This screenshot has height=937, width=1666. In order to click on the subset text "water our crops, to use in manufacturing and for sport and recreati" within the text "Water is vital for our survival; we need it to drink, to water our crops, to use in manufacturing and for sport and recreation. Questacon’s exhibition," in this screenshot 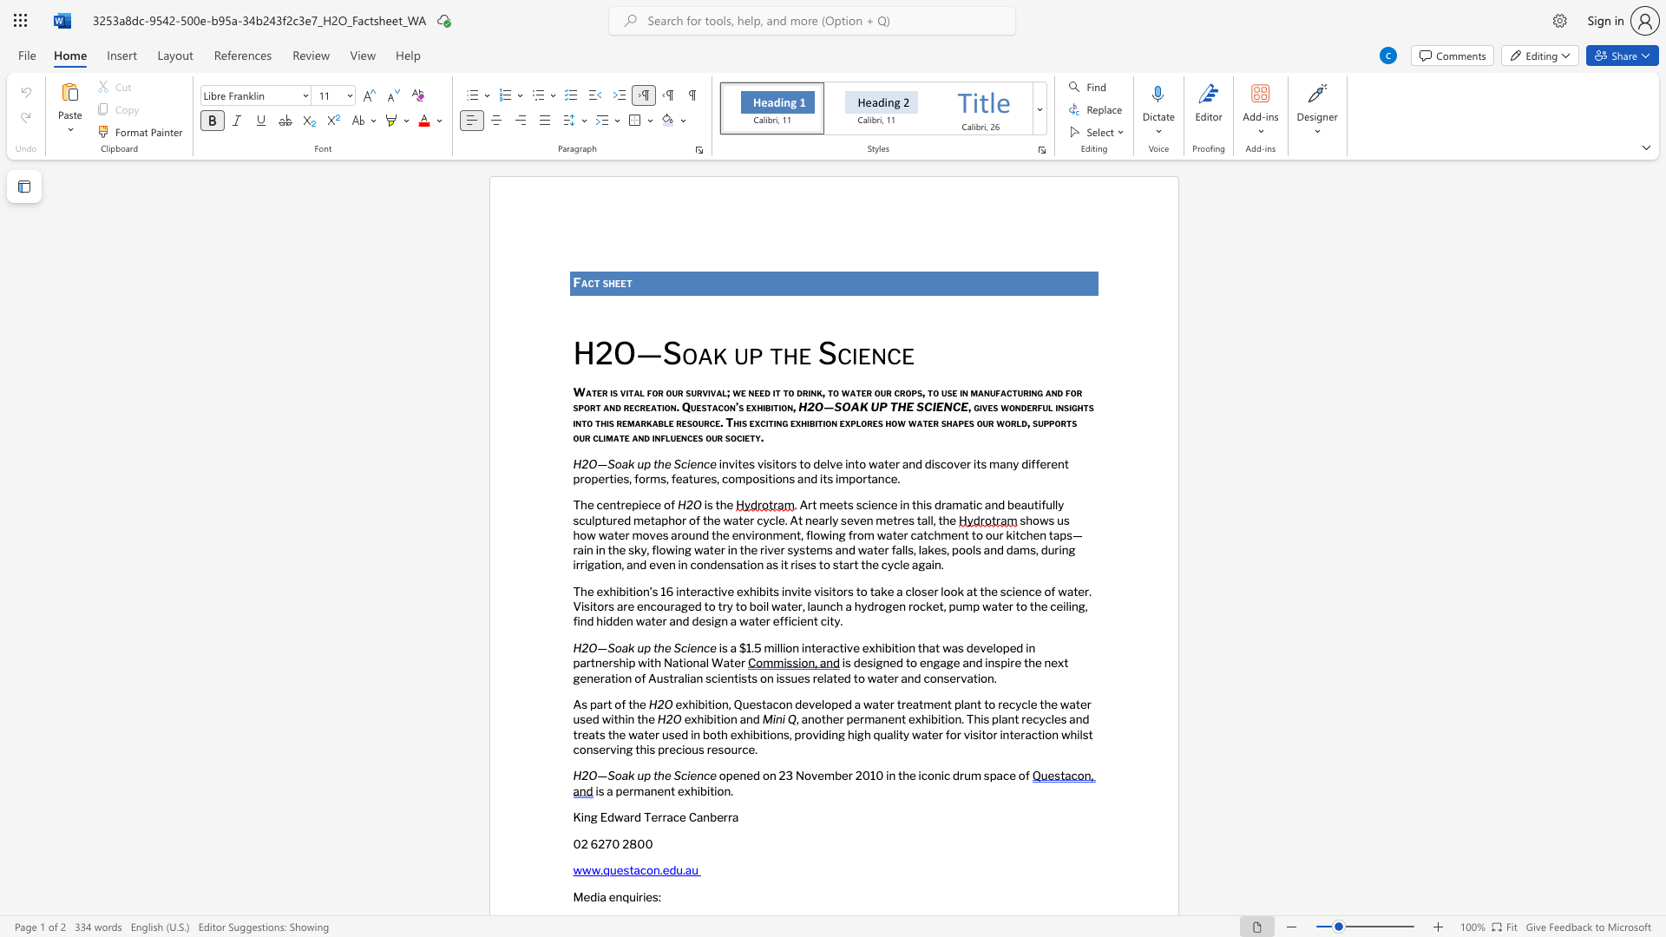, I will do `click(841, 392)`.